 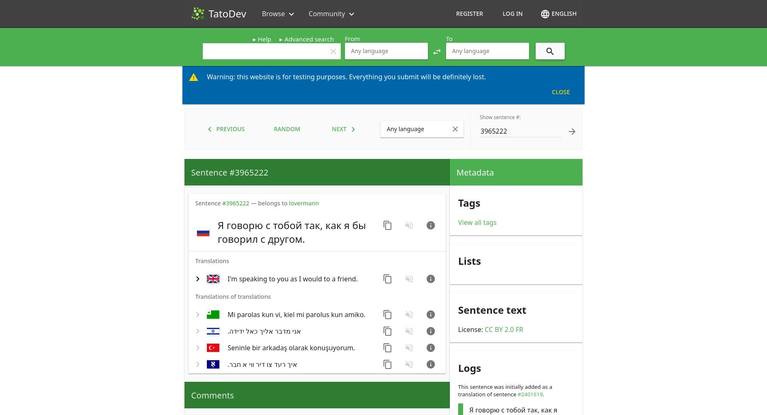 What do you see at coordinates (560, 91) in the screenshot?
I see `'Close'` at bounding box center [560, 91].